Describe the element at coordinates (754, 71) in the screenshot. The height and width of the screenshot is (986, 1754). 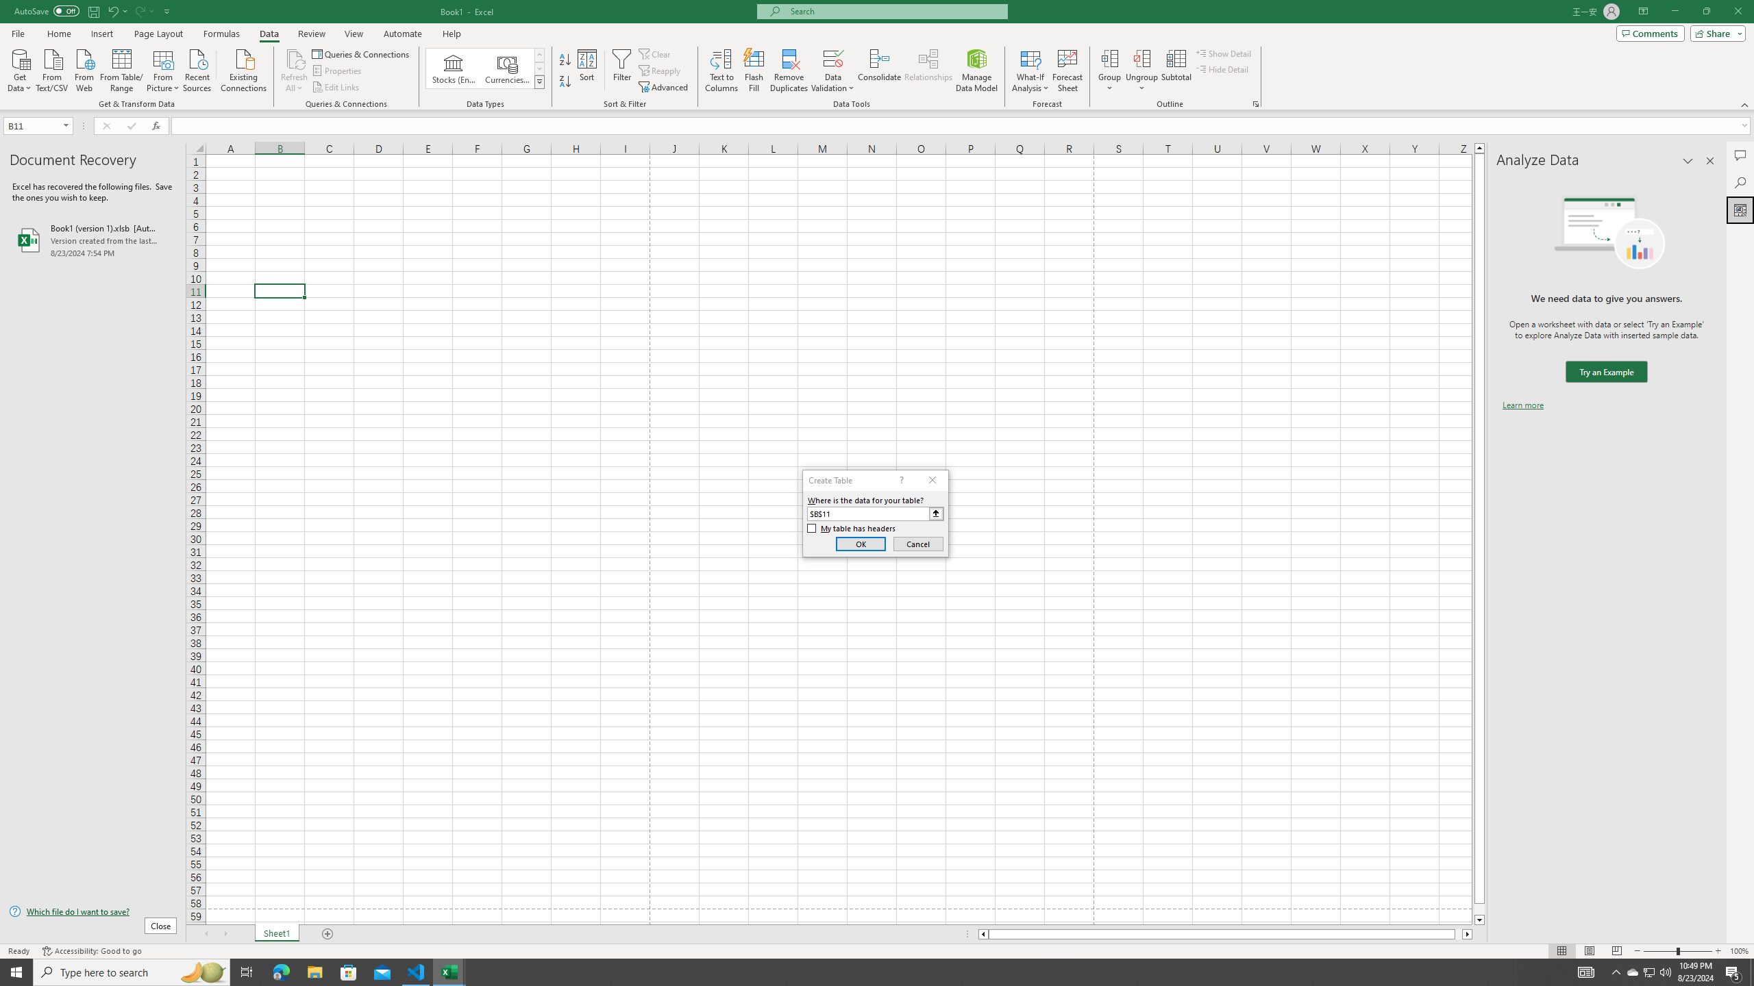
I see `'Flash Fill'` at that location.